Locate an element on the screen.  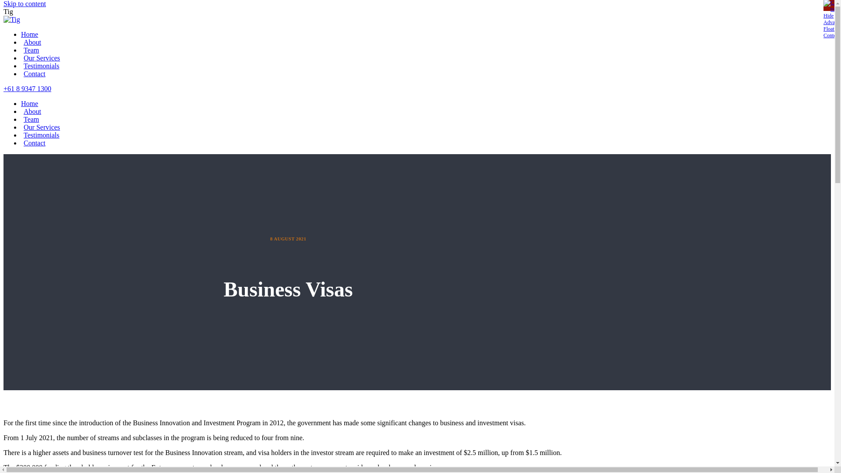
'Team' is located at coordinates (30, 119).